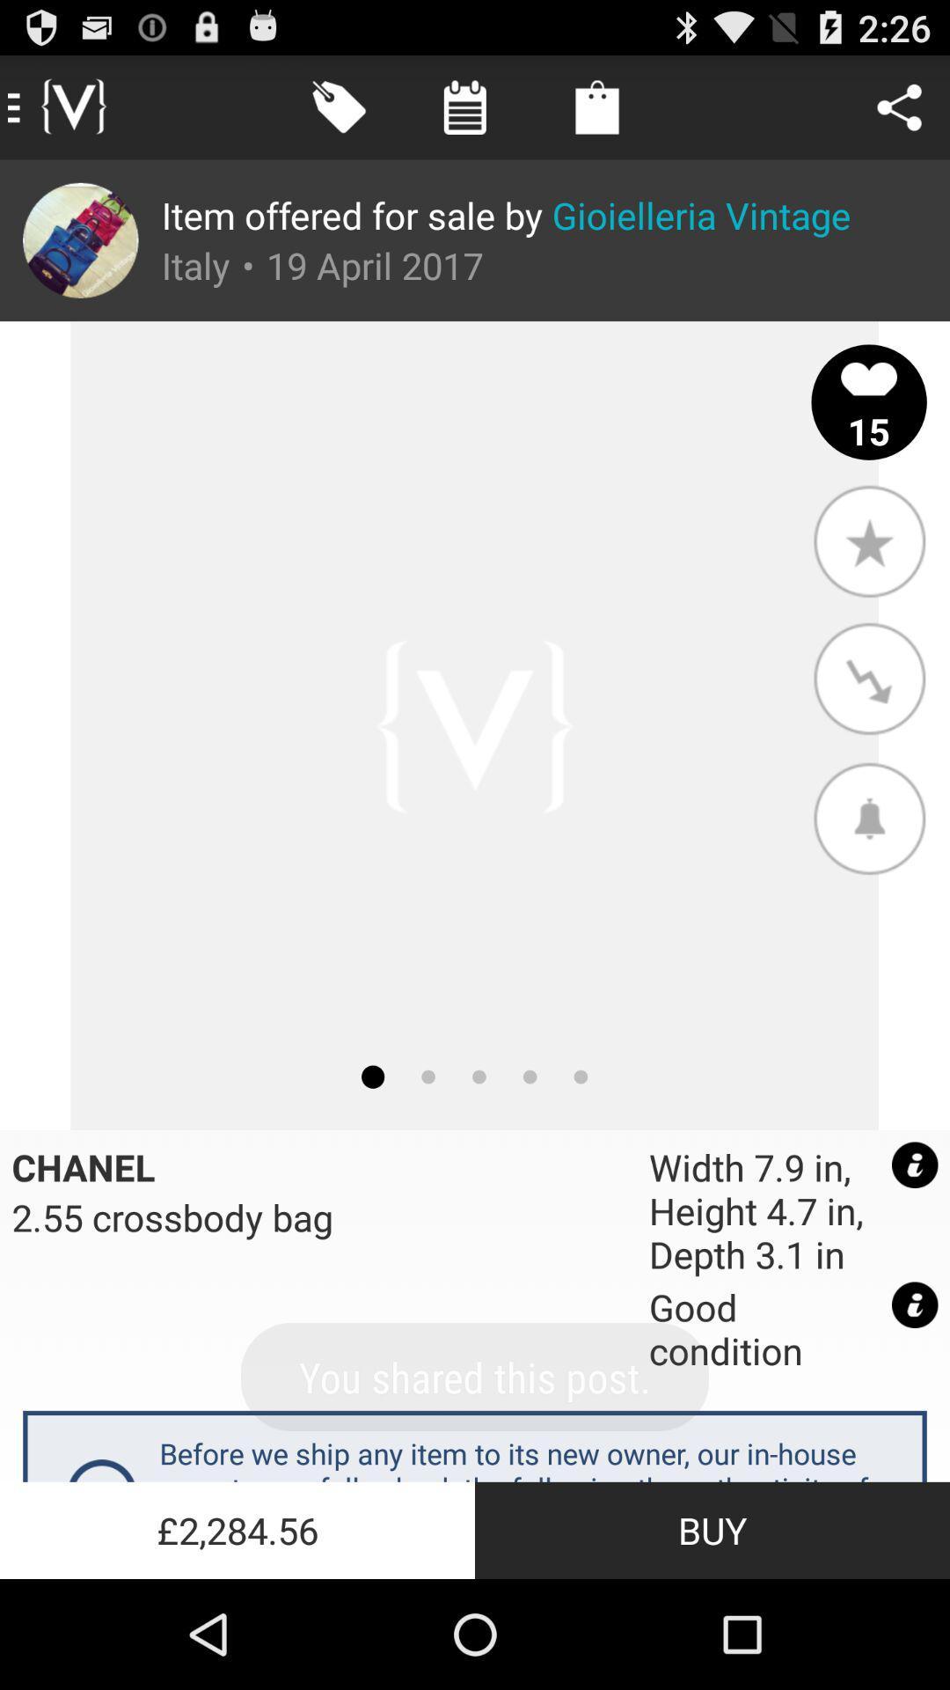  Describe the element at coordinates (506, 214) in the screenshot. I see `the item offered for` at that location.